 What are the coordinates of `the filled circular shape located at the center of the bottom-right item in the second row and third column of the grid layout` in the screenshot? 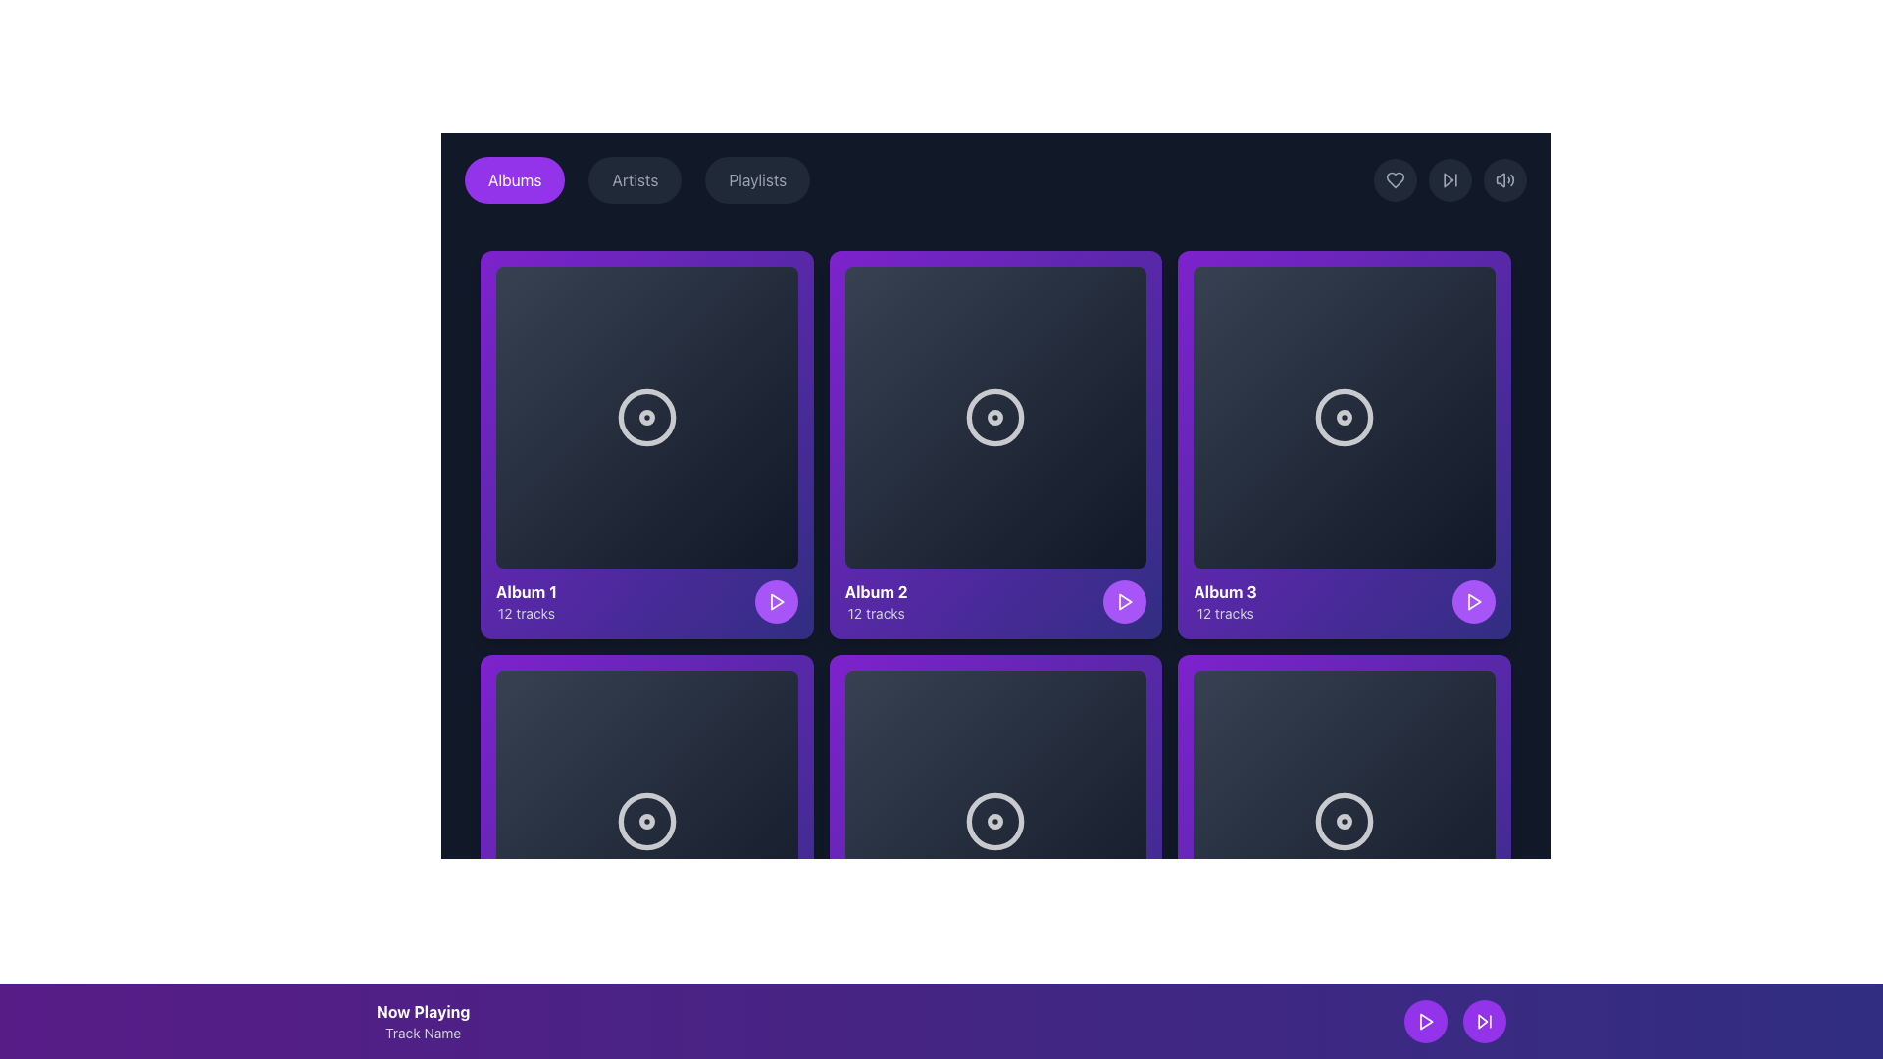 It's located at (1344, 821).